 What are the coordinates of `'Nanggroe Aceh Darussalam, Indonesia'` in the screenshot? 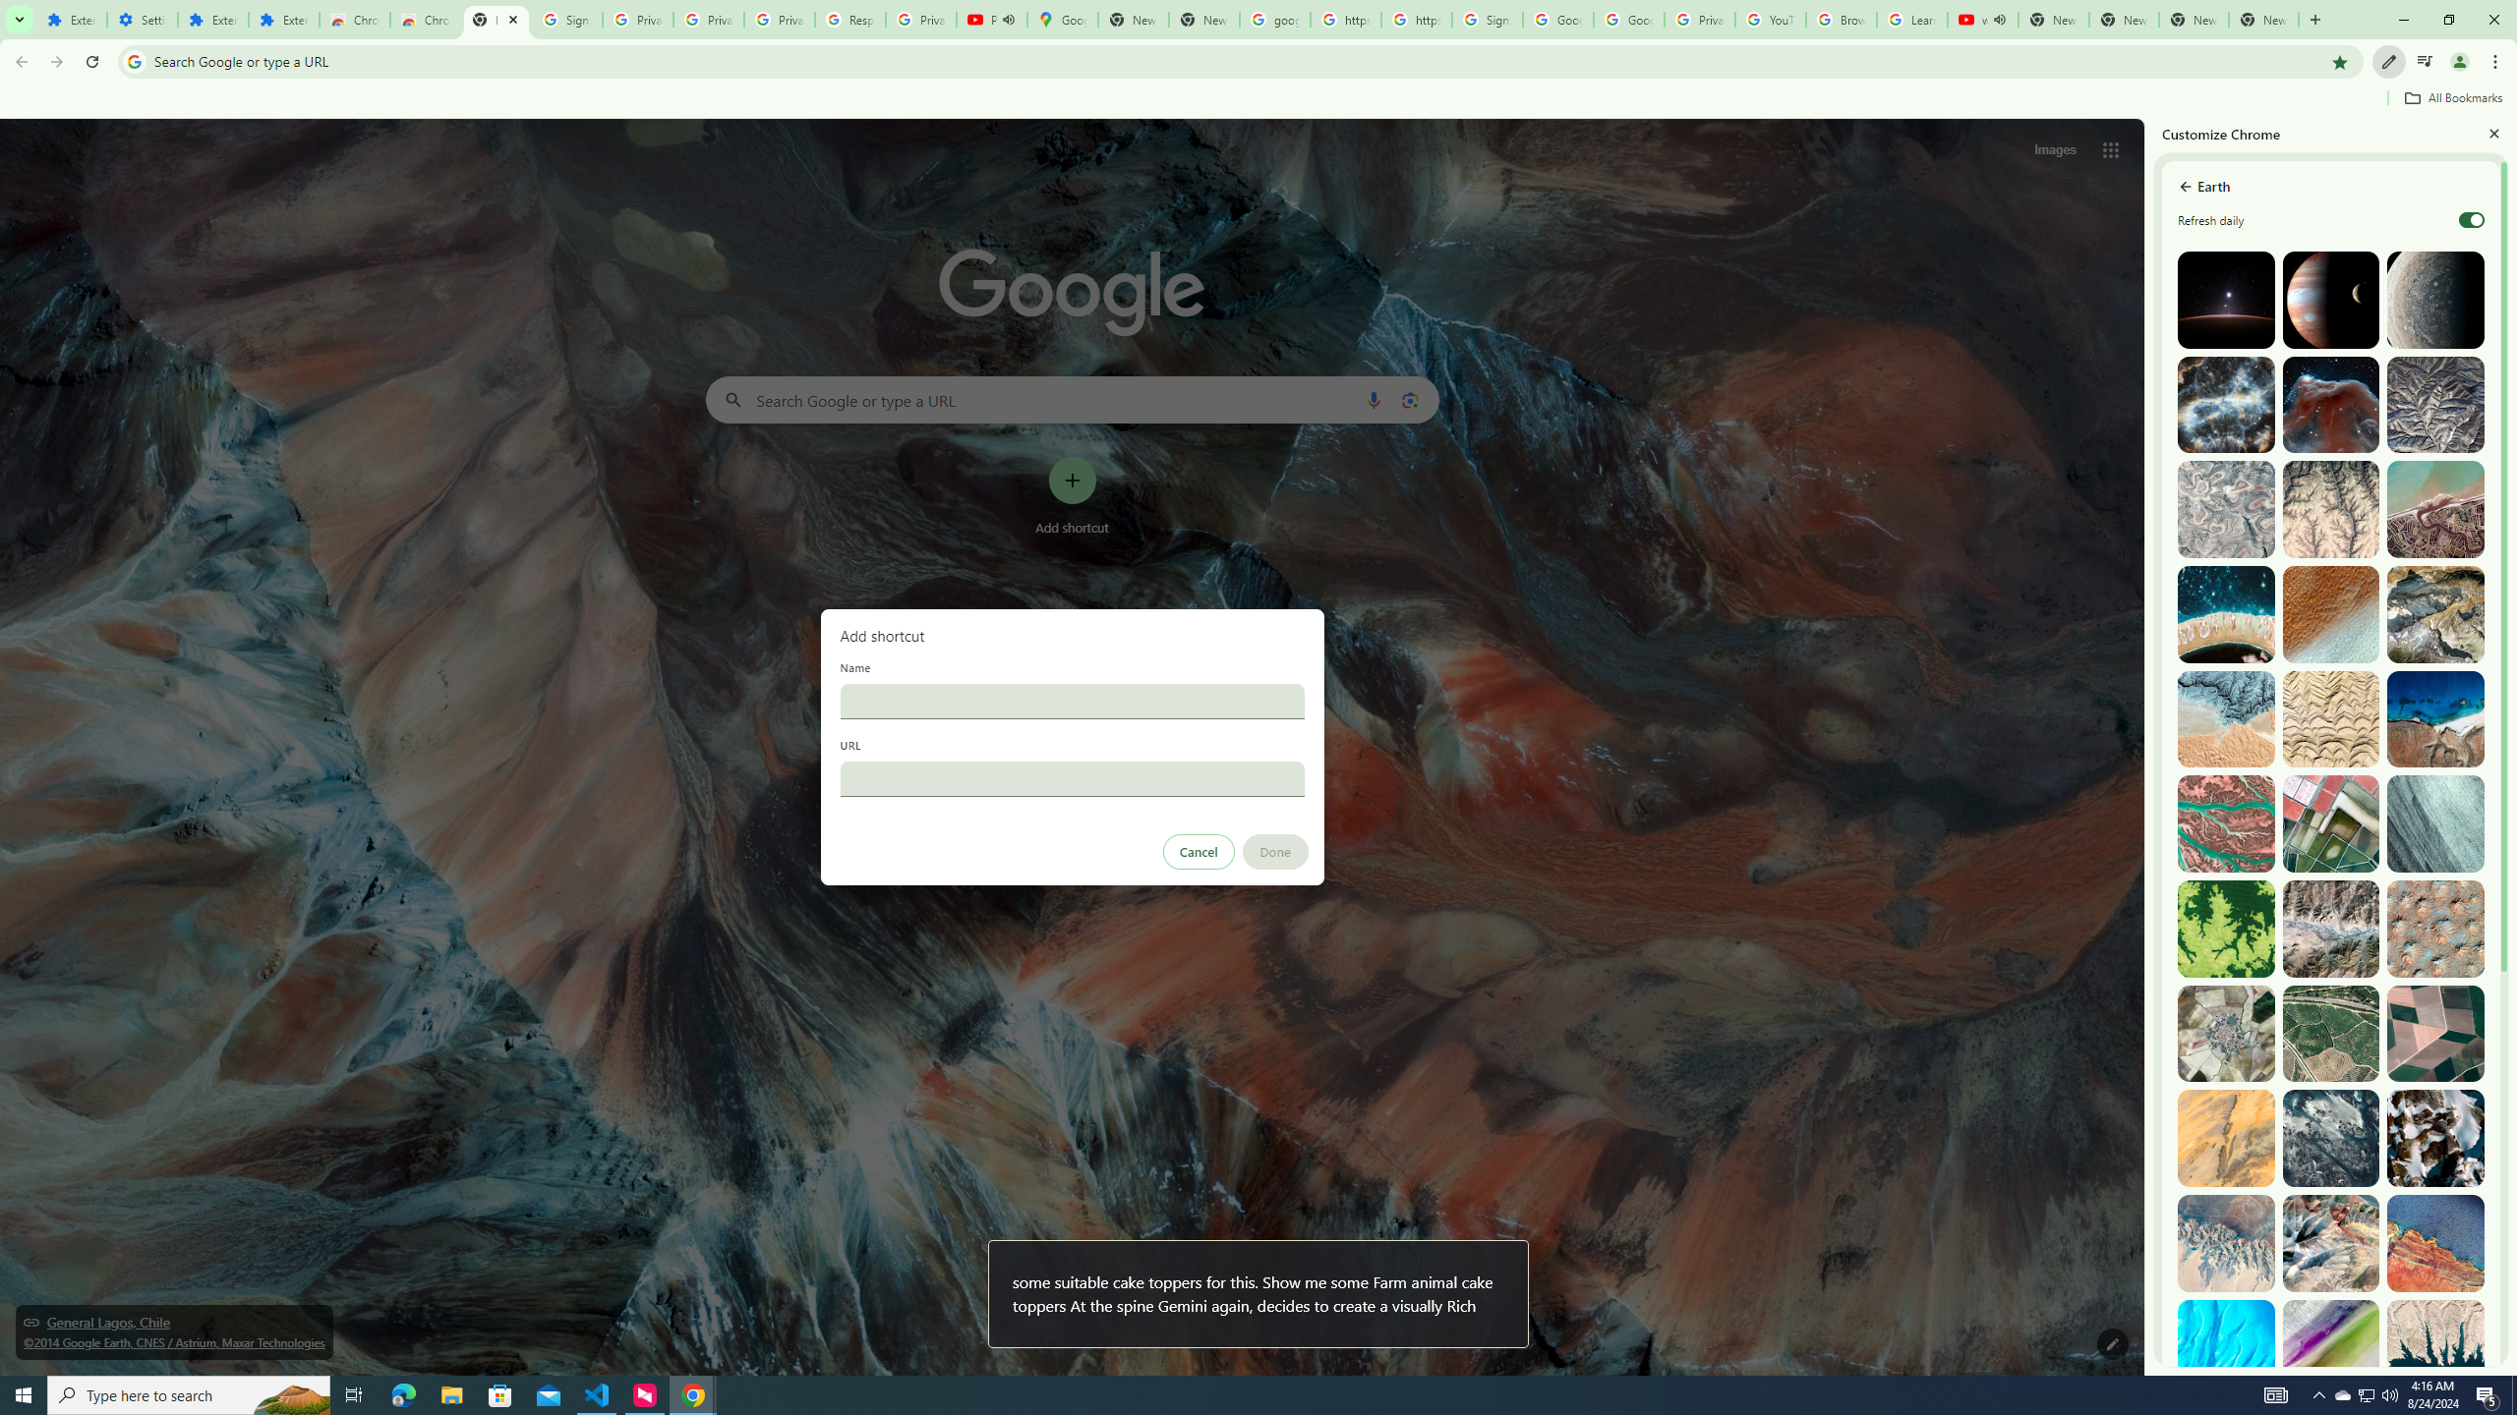 It's located at (2433, 509).